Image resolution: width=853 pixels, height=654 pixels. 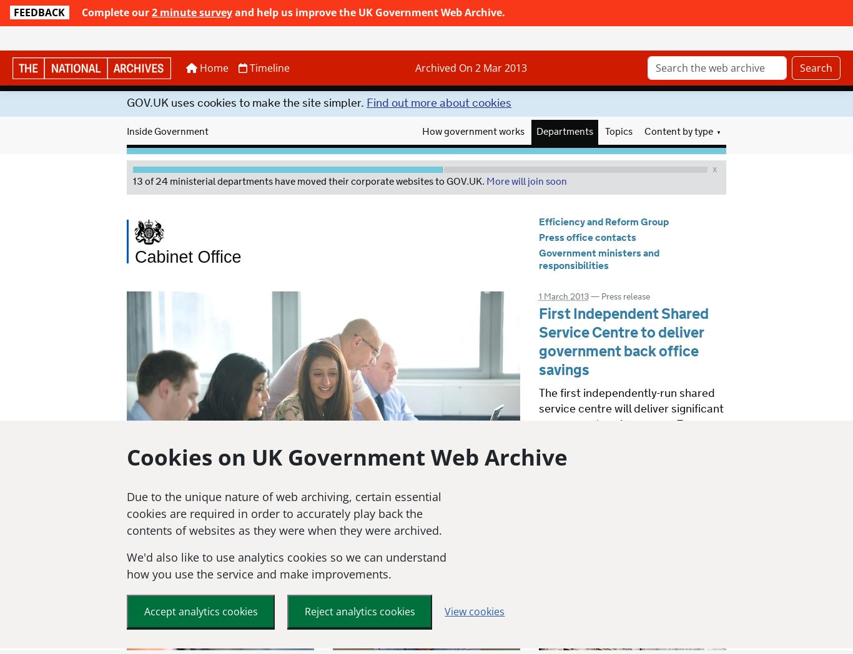 I want to click on 'Due to the unique nature of web archiving, certain essential cookies are required in order to accurately play back the contents of websites as they were when they were archived.', so click(x=126, y=489).